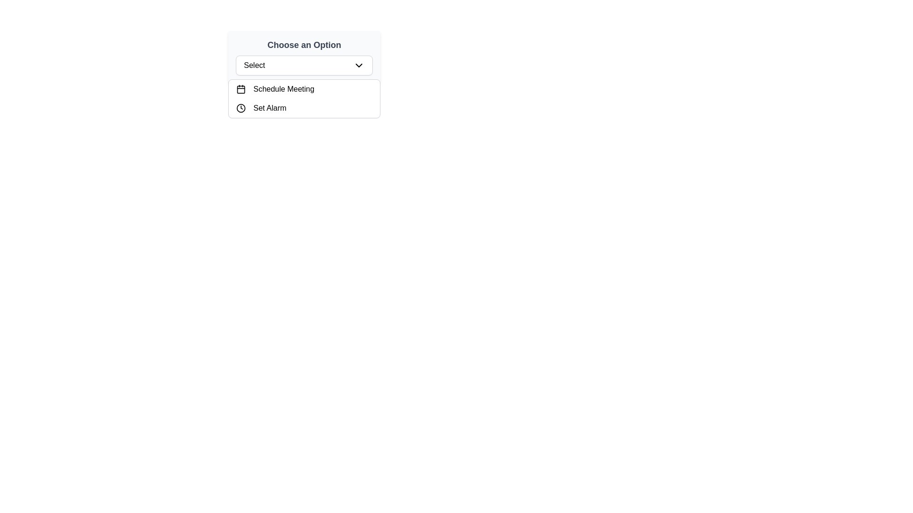 This screenshot has width=913, height=513. Describe the element at coordinates (303, 99) in the screenshot. I see `the 'Schedule Meeting' option in the dropdown menu located beneath the 'Choose an Option' selector` at that location.